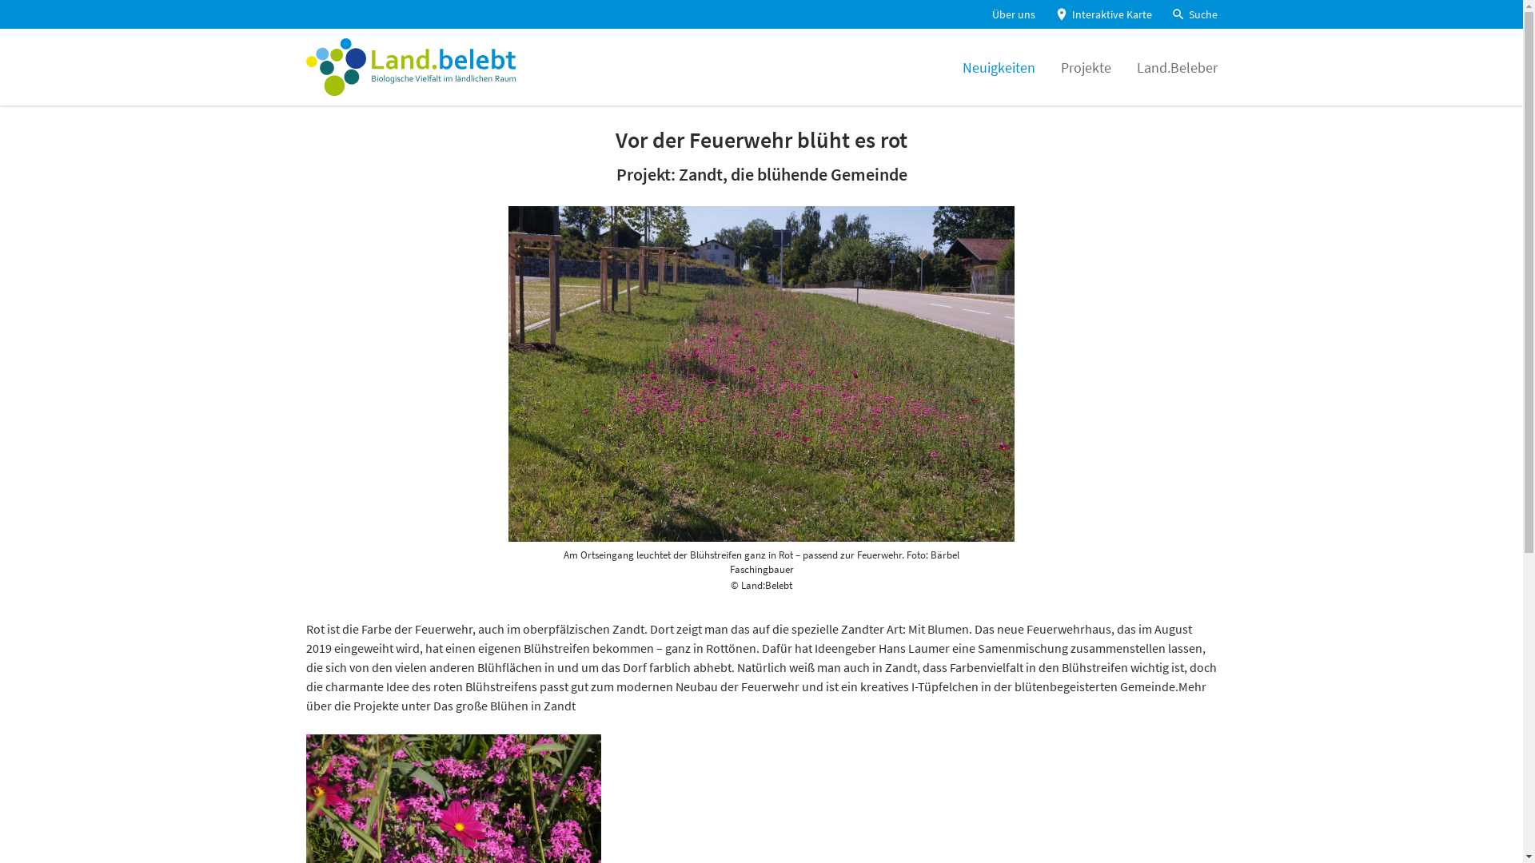  What do you see at coordinates (1193, 14) in the screenshot?
I see `'Suche'` at bounding box center [1193, 14].